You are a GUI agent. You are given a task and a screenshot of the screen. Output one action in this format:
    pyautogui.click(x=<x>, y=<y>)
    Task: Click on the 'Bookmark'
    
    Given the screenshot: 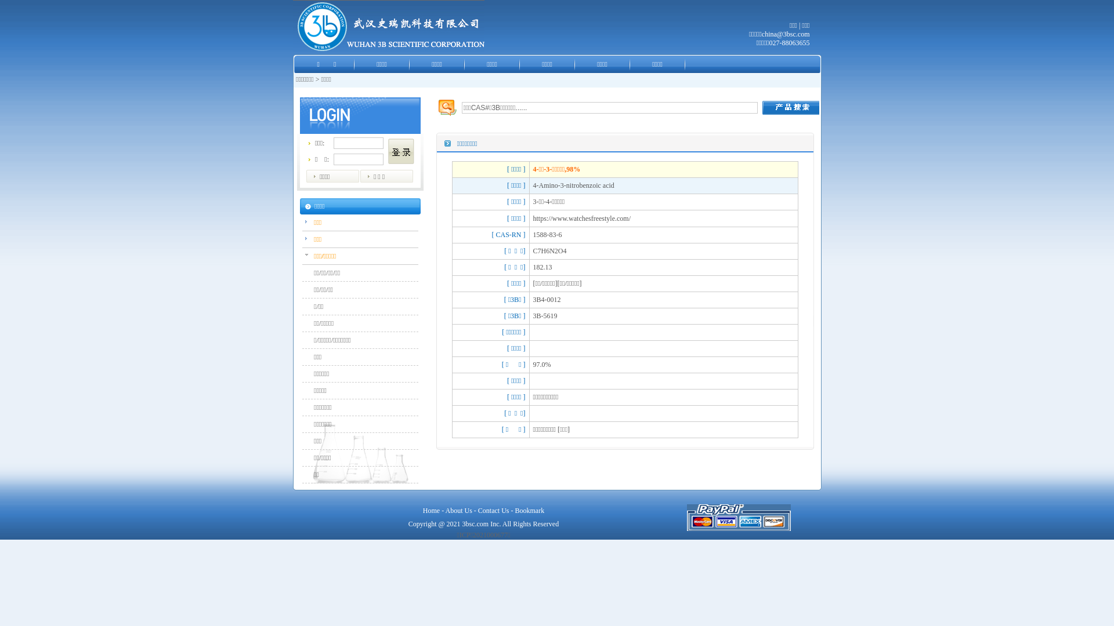 What is the action you would take?
    pyautogui.click(x=529, y=509)
    